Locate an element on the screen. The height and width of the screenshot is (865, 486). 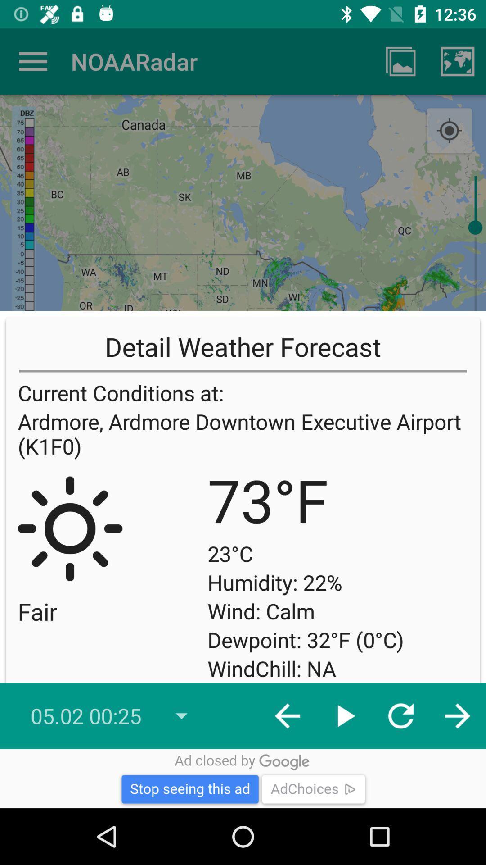
icon below ardmore ardmore downtown app is located at coordinates (449, 593).